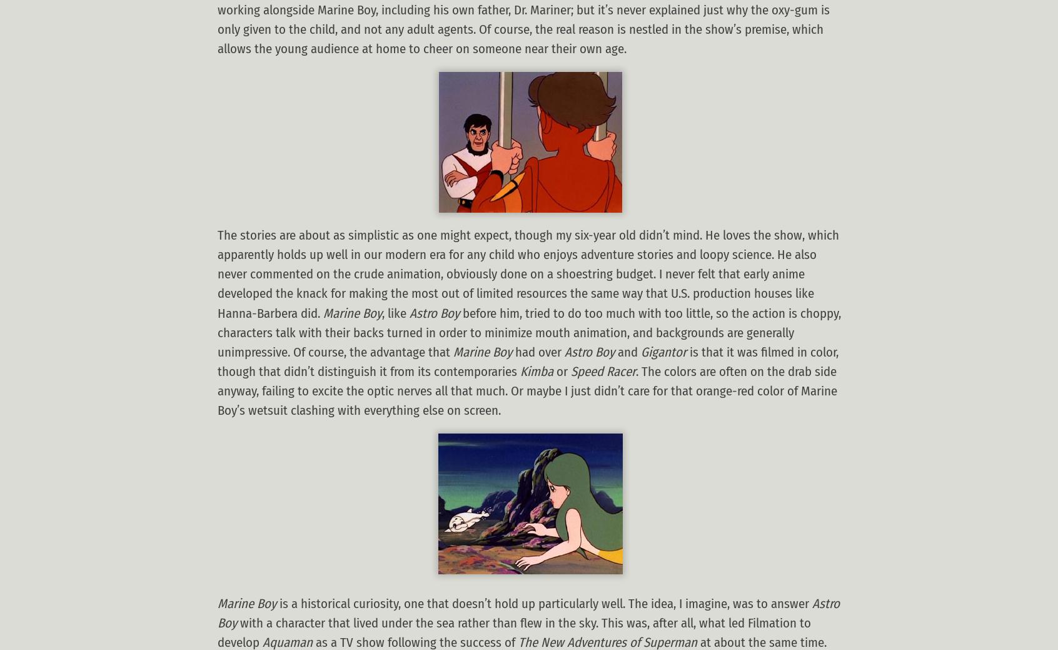 The height and width of the screenshot is (650, 1058). I want to click on 'and', so click(627, 352).